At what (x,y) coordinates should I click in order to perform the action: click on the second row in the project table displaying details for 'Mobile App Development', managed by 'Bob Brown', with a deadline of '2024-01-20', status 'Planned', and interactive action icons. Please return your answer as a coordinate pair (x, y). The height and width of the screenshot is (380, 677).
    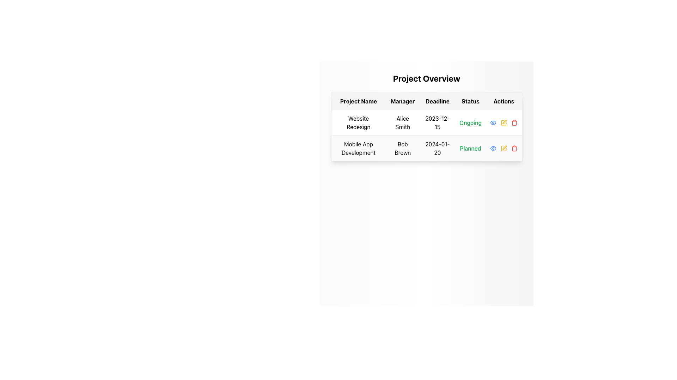
    Looking at the image, I should click on (426, 148).